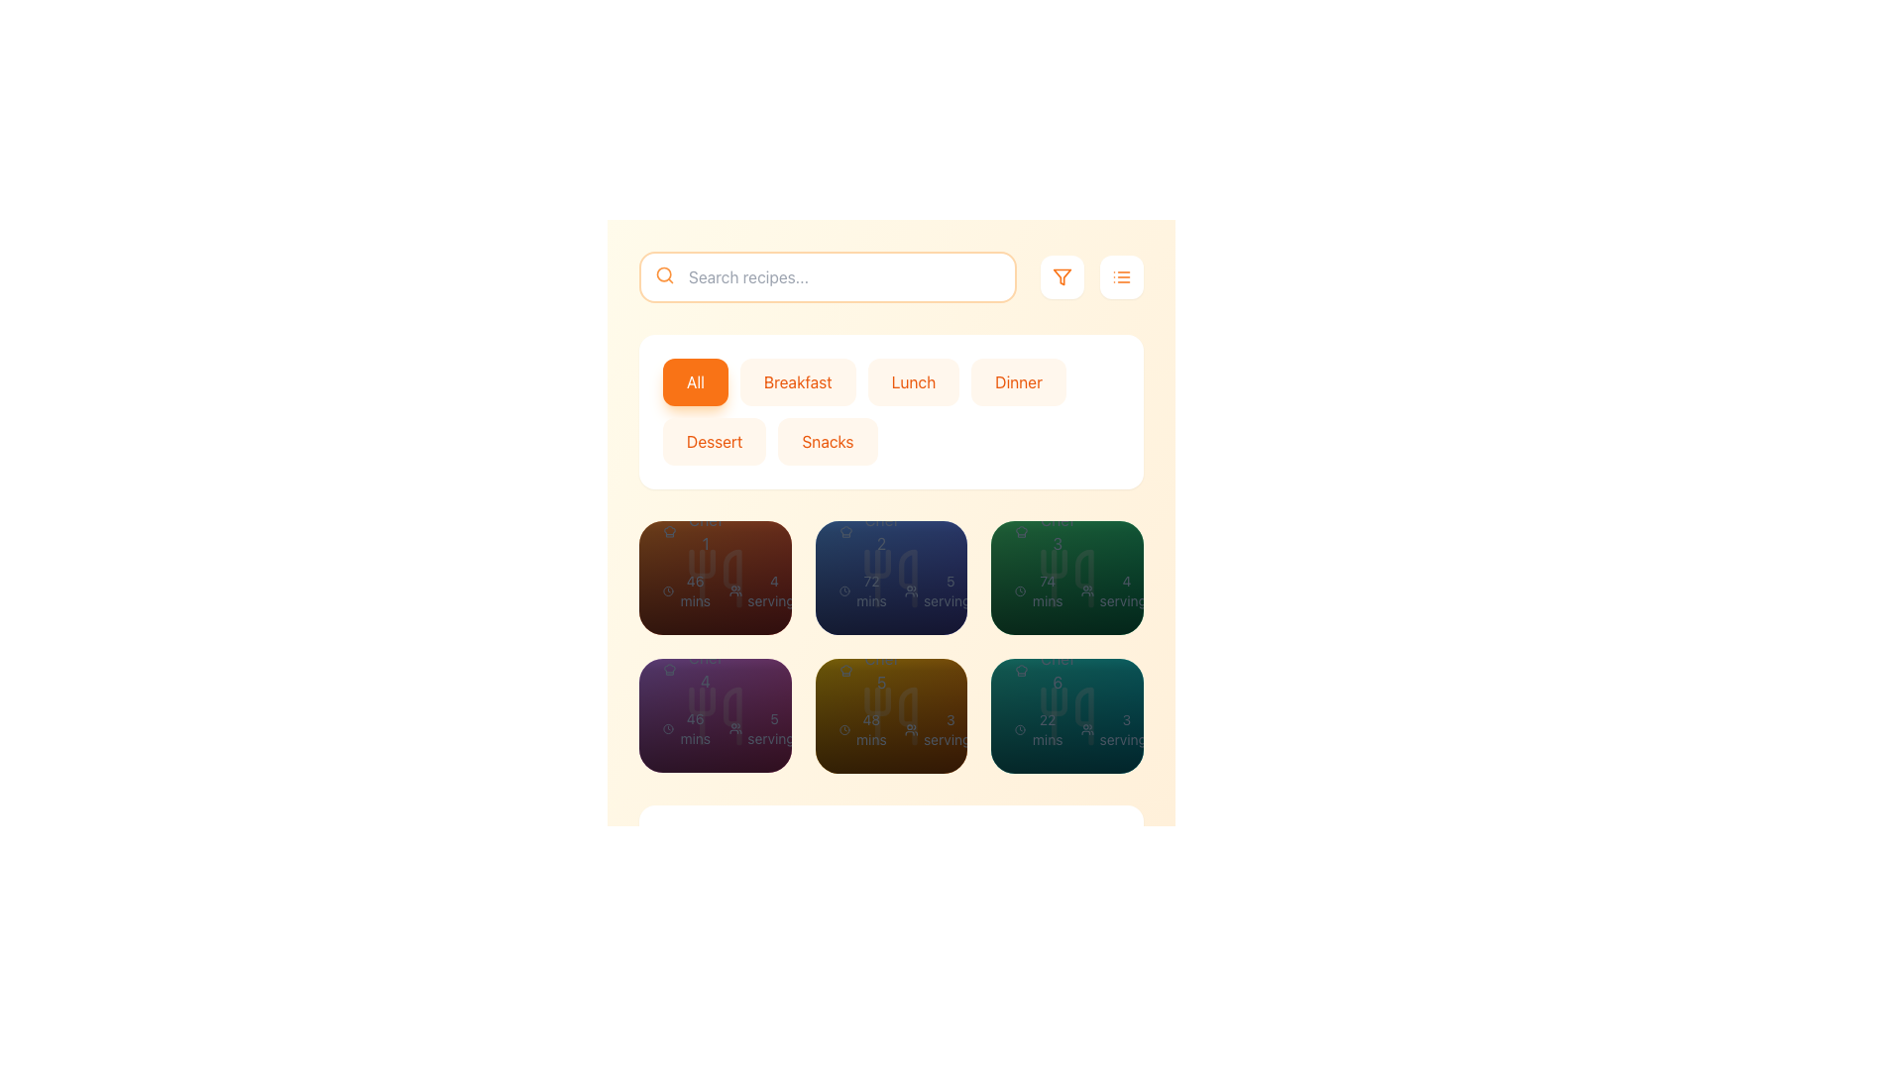 Image resolution: width=1903 pixels, height=1070 pixels. Describe the element at coordinates (798, 381) in the screenshot. I see `the 'Breakfast' button, which is a rectangular button with rounded corners and an orange text label, to filter results` at that location.